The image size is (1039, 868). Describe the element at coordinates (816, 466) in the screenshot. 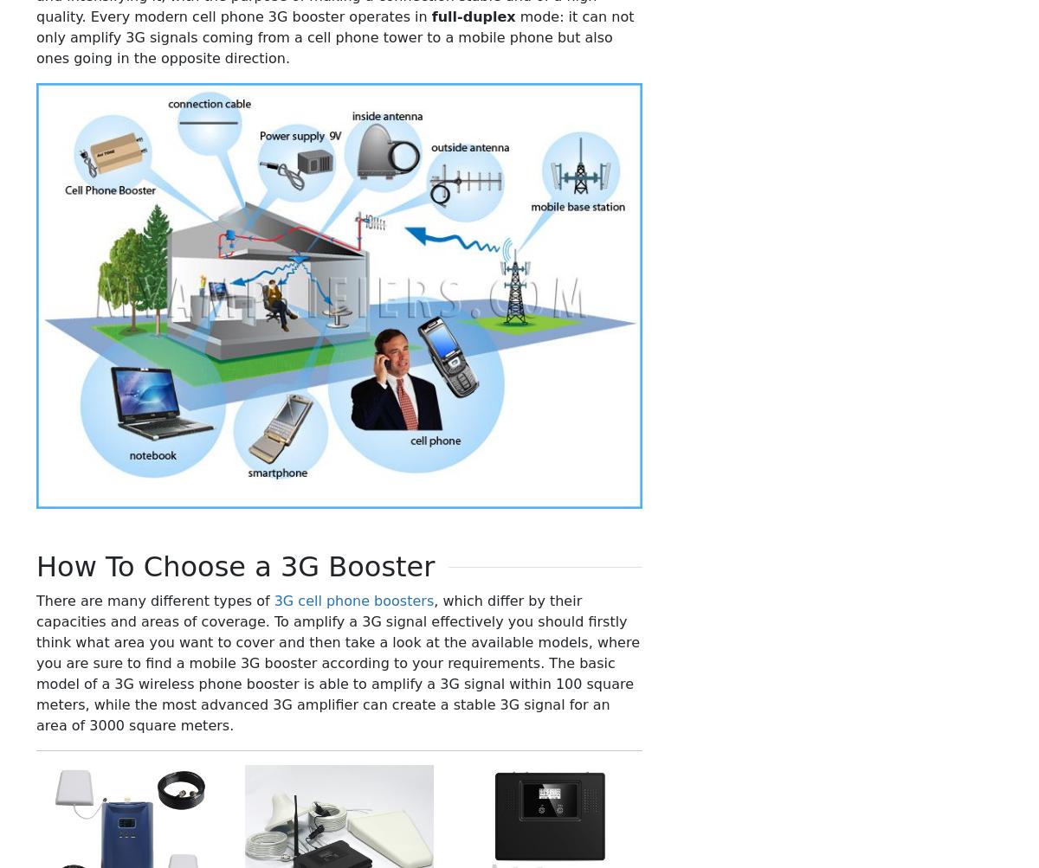

I see `'How It Works'` at that location.